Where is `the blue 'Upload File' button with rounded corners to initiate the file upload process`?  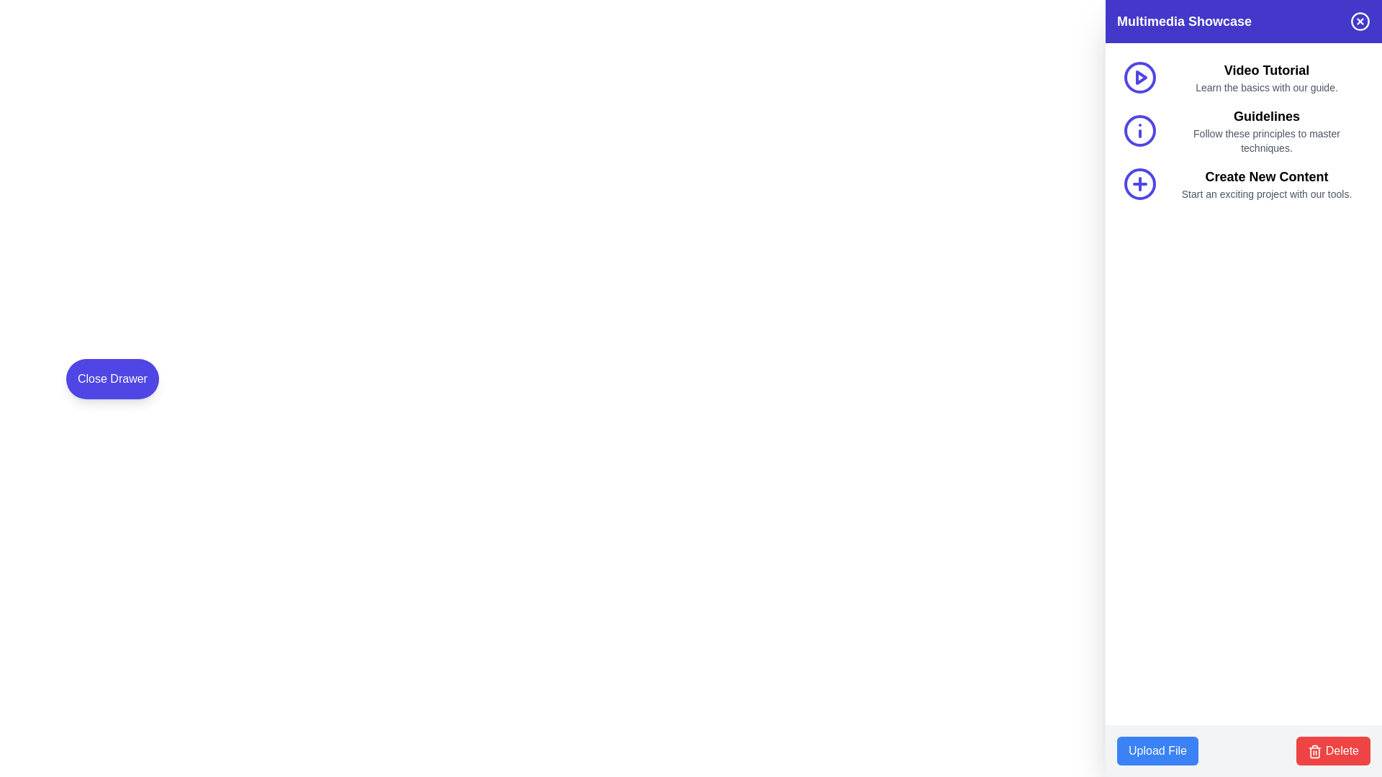
the blue 'Upload File' button with rounded corners to initiate the file upload process is located at coordinates (1157, 750).